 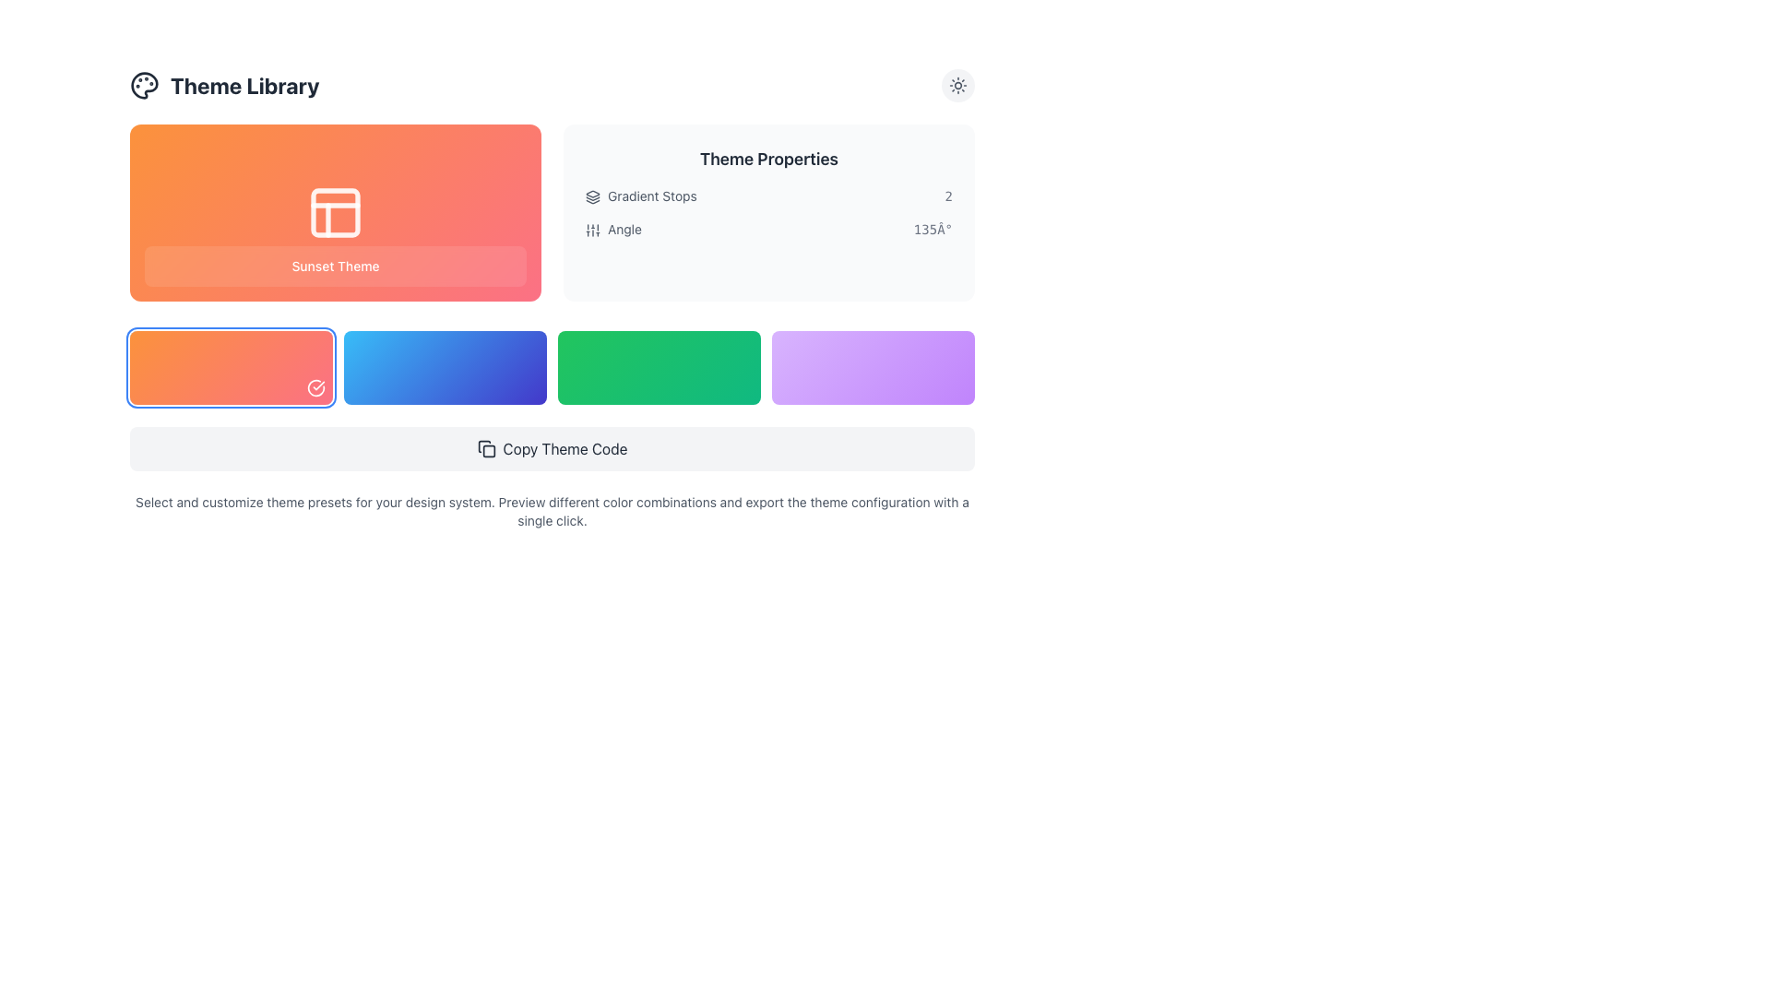 I want to click on the circular sun icon with radiating lines located at the top-right corner of the interface, adjacent to the title 'Theme Properties', so click(x=957, y=85).